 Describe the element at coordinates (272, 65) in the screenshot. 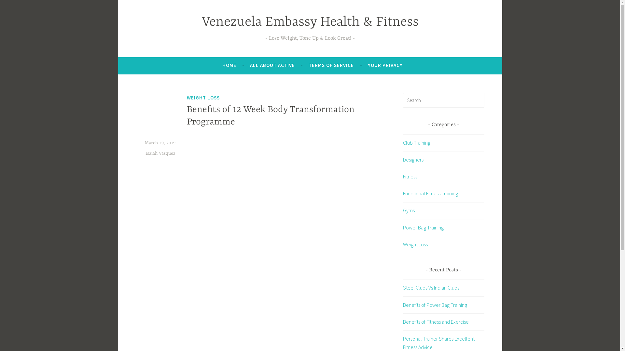

I see `'ALL ABOUT ACTIVE'` at that location.